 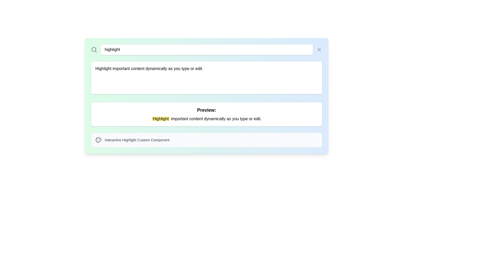 What do you see at coordinates (94, 49) in the screenshot?
I see `the decorative SVG circle that represents the lens of the magnifying glass icon, located near the upper left corner of the interface` at bounding box center [94, 49].